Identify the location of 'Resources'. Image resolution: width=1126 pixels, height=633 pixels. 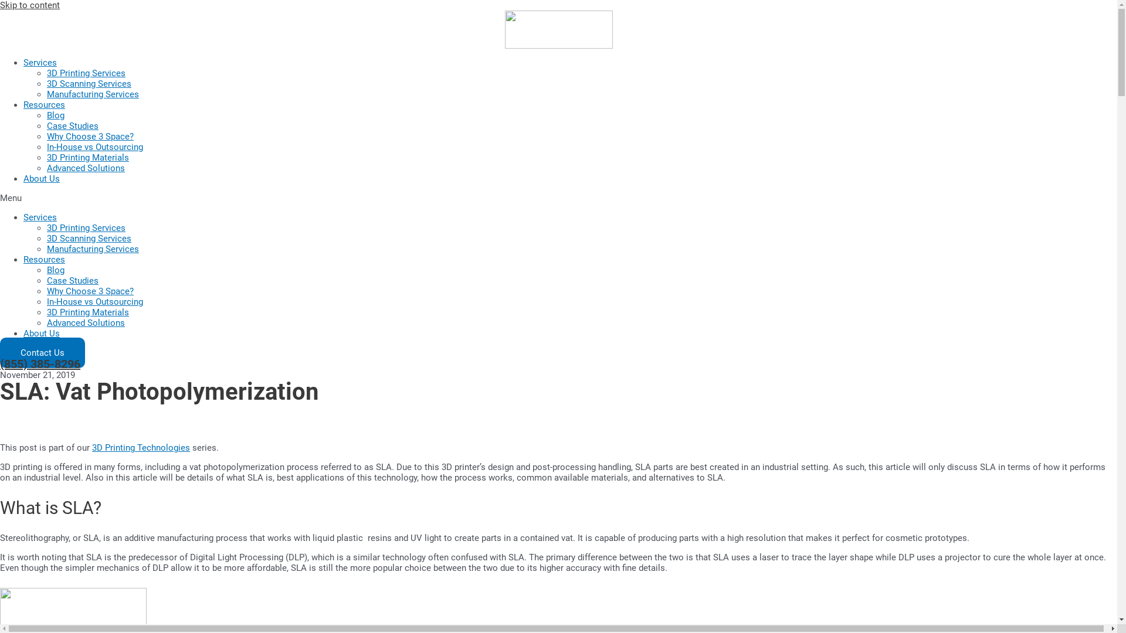
(44, 104).